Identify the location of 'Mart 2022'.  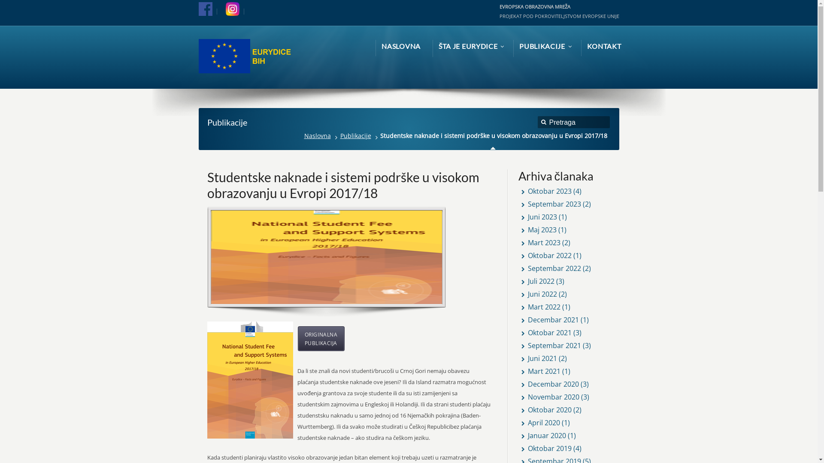
(527, 307).